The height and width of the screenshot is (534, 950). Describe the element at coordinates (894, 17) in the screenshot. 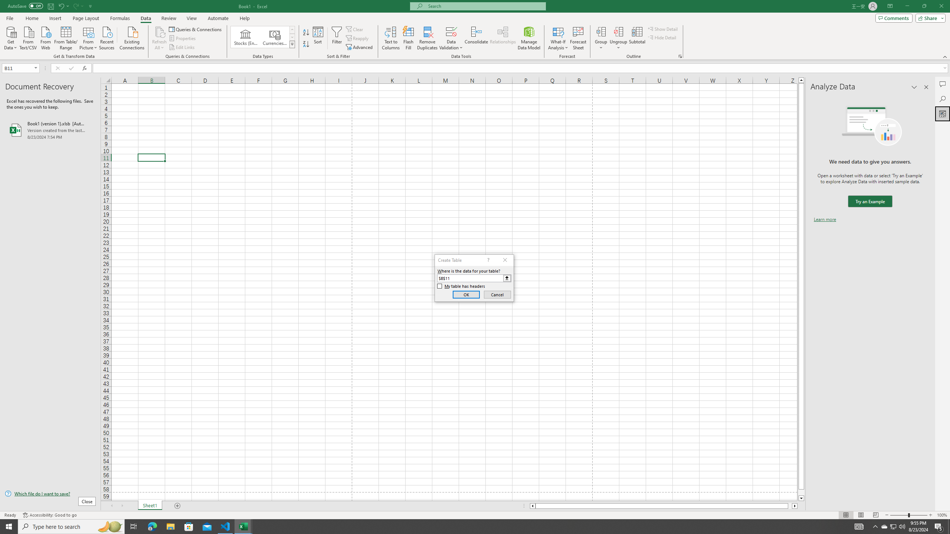

I see `'Comments'` at that location.